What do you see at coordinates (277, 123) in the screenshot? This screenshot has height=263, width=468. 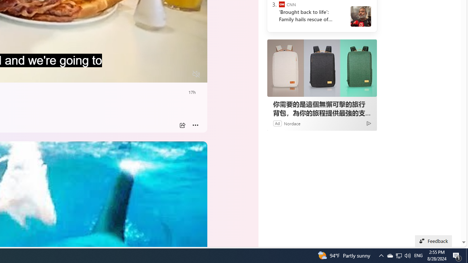 I see `'Ad'` at bounding box center [277, 123].